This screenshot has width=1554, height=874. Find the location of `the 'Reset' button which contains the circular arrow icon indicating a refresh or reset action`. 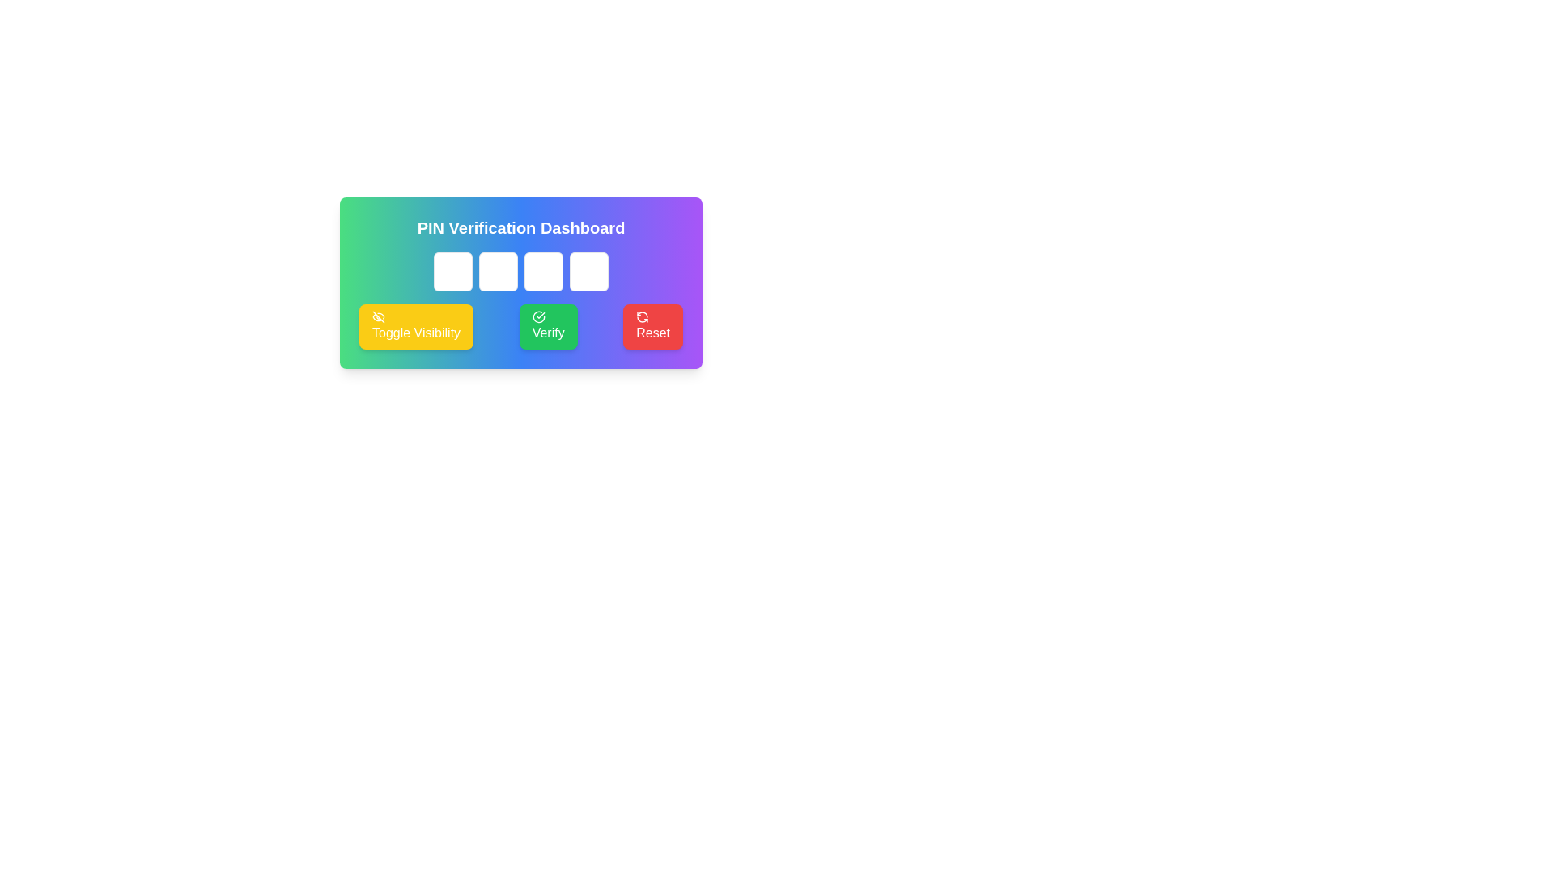

the 'Reset' button which contains the circular arrow icon indicating a refresh or reset action is located at coordinates (642, 317).